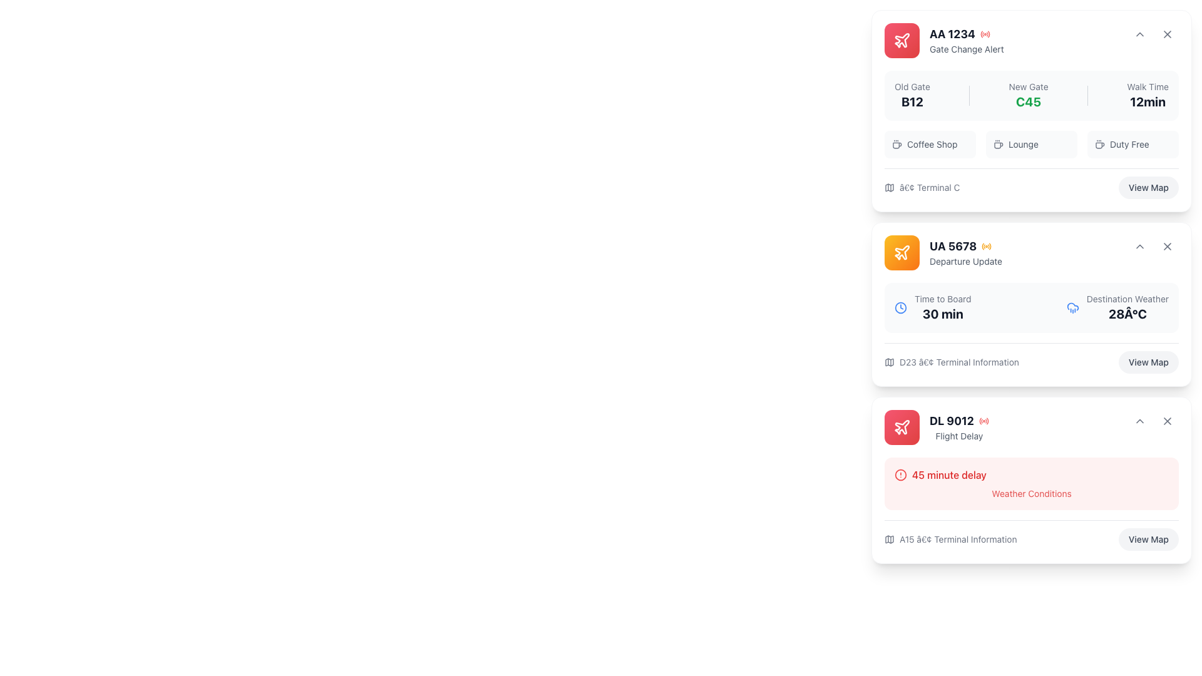  What do you see at coordinates (912, 101) in the screenshot?
I see `the bold static text label displaying 'B12' in dark-gray color, which is positioned below 'Old Gate' within the flight information card for flight 'AA 1234'` at bounding box center [912, 101].